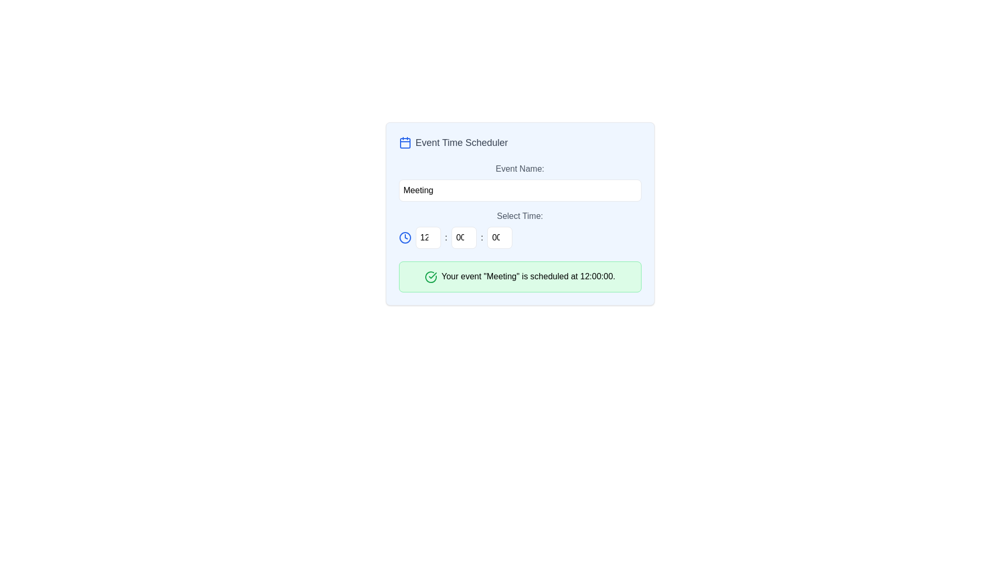 The height and width of the screenshot is (567, 1008). I want to click on the label indicating the purpose of the input field for the event name, which is positioned directly above the 'Meeting' input field, so click(520, 168).